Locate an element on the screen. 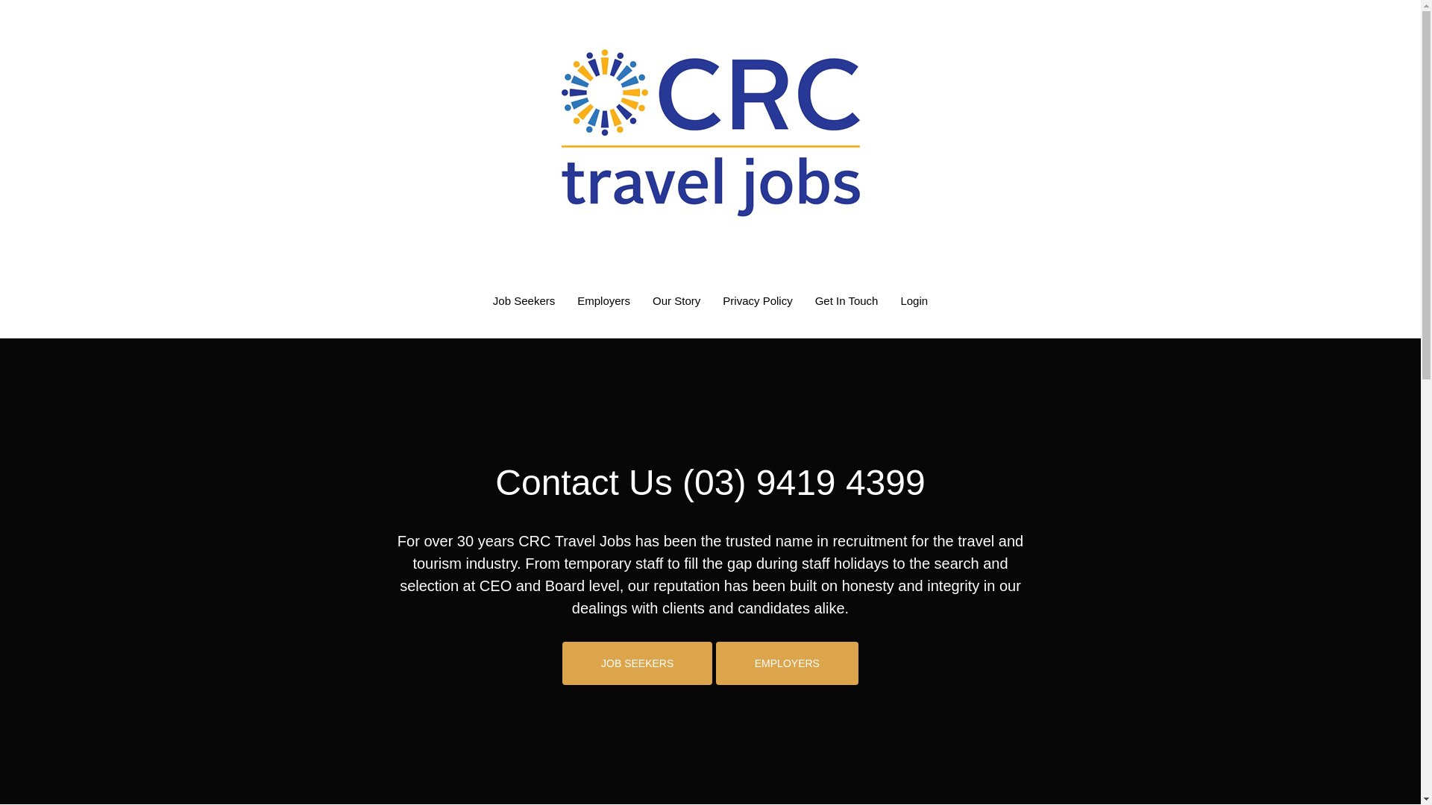 The height and width of the screenshot is (805, 1432). 'Get In Touch' is located at coordinates (847, 301).